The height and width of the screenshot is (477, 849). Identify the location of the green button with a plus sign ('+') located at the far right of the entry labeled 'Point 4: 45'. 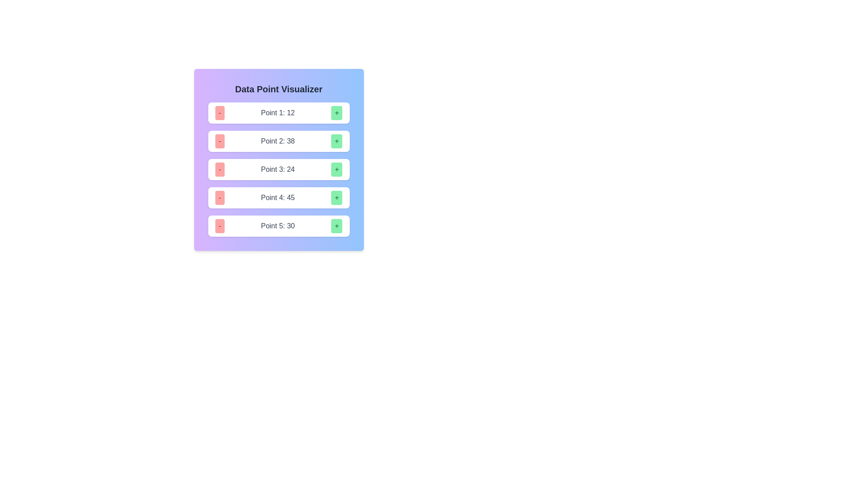
(336, 197).